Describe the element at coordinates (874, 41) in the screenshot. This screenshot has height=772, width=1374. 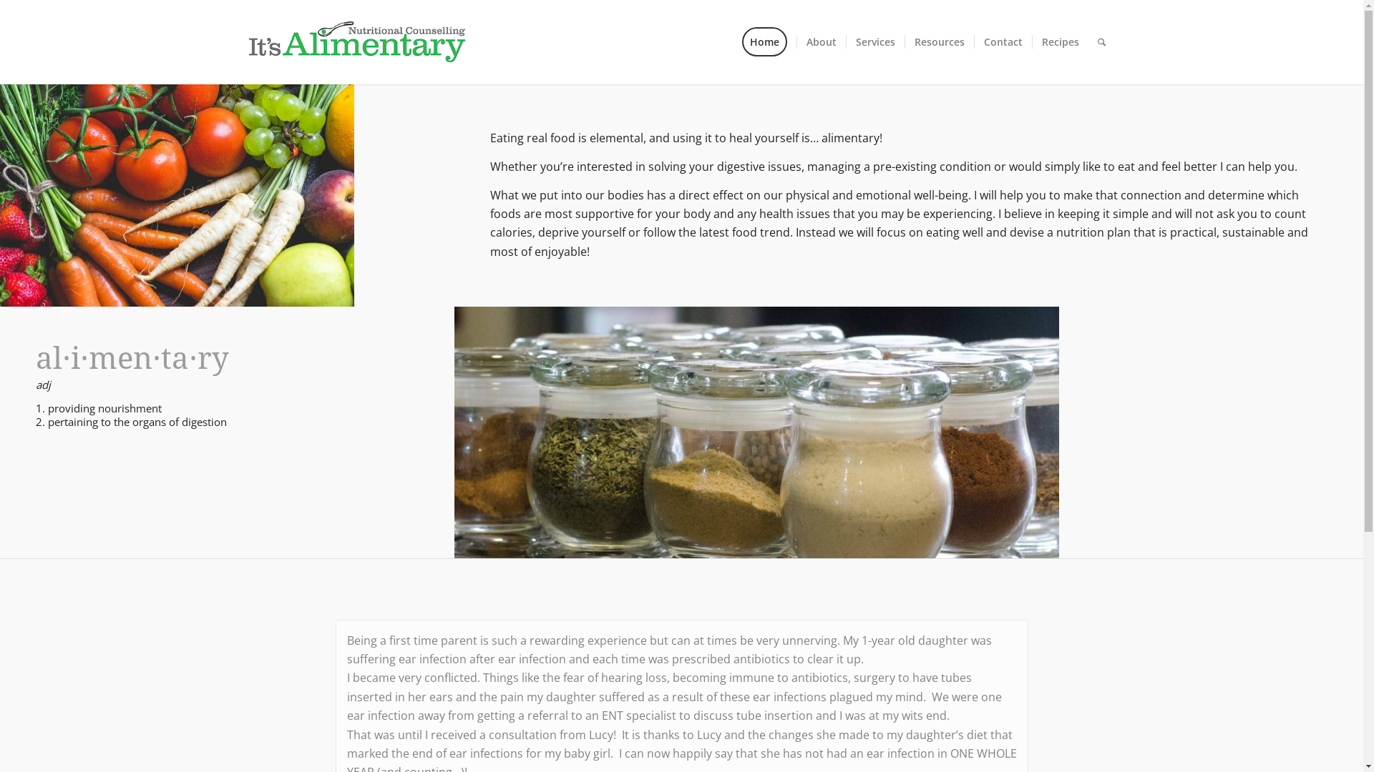
I see `'Services'` at that location.